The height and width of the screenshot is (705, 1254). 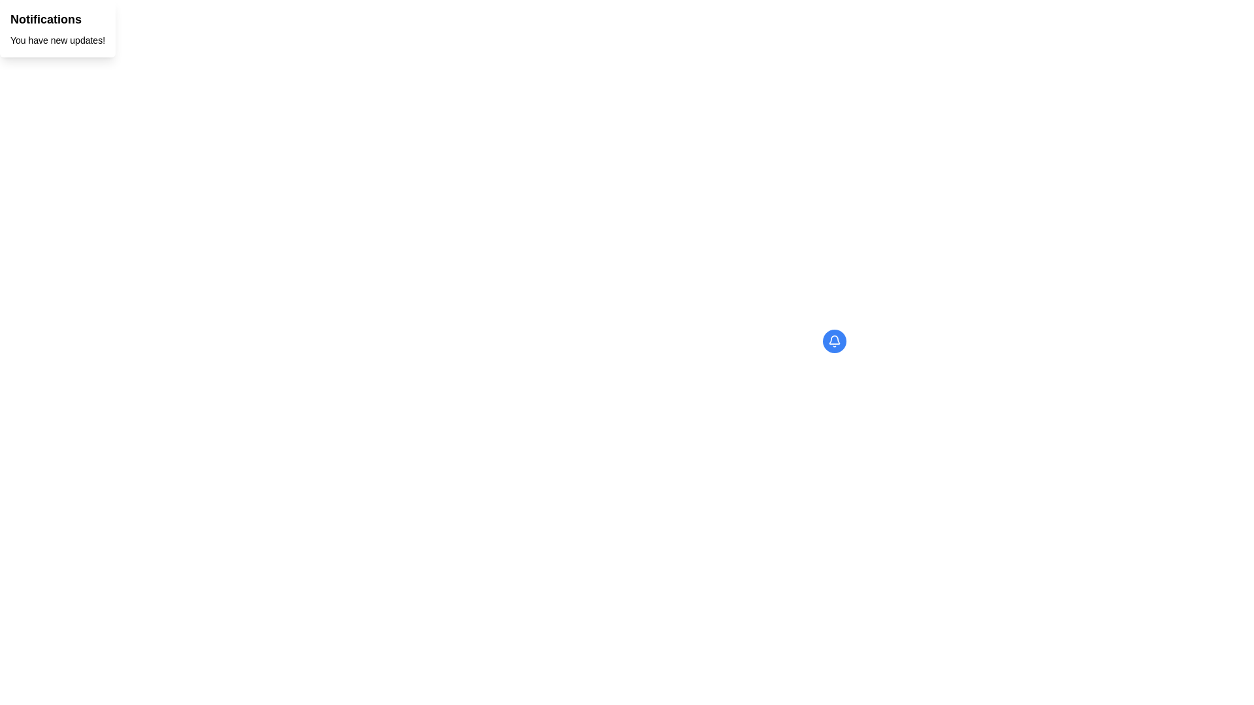 What do you see at coordinates (833, 341) in the screenshot?
I see `the circular blue button with a white border and a white bell icon in the center` at bounding box center [833, 341].